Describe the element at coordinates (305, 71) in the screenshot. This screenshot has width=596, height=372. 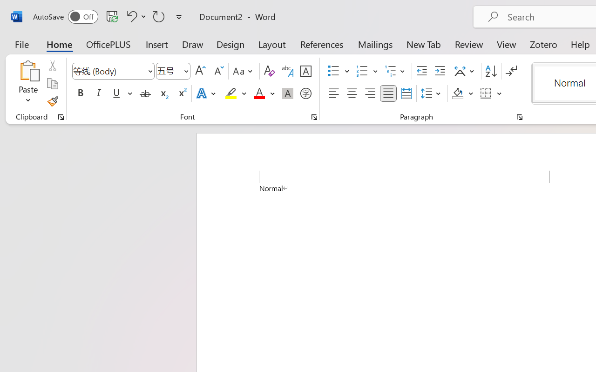
I see `'Character Border'` at that location.